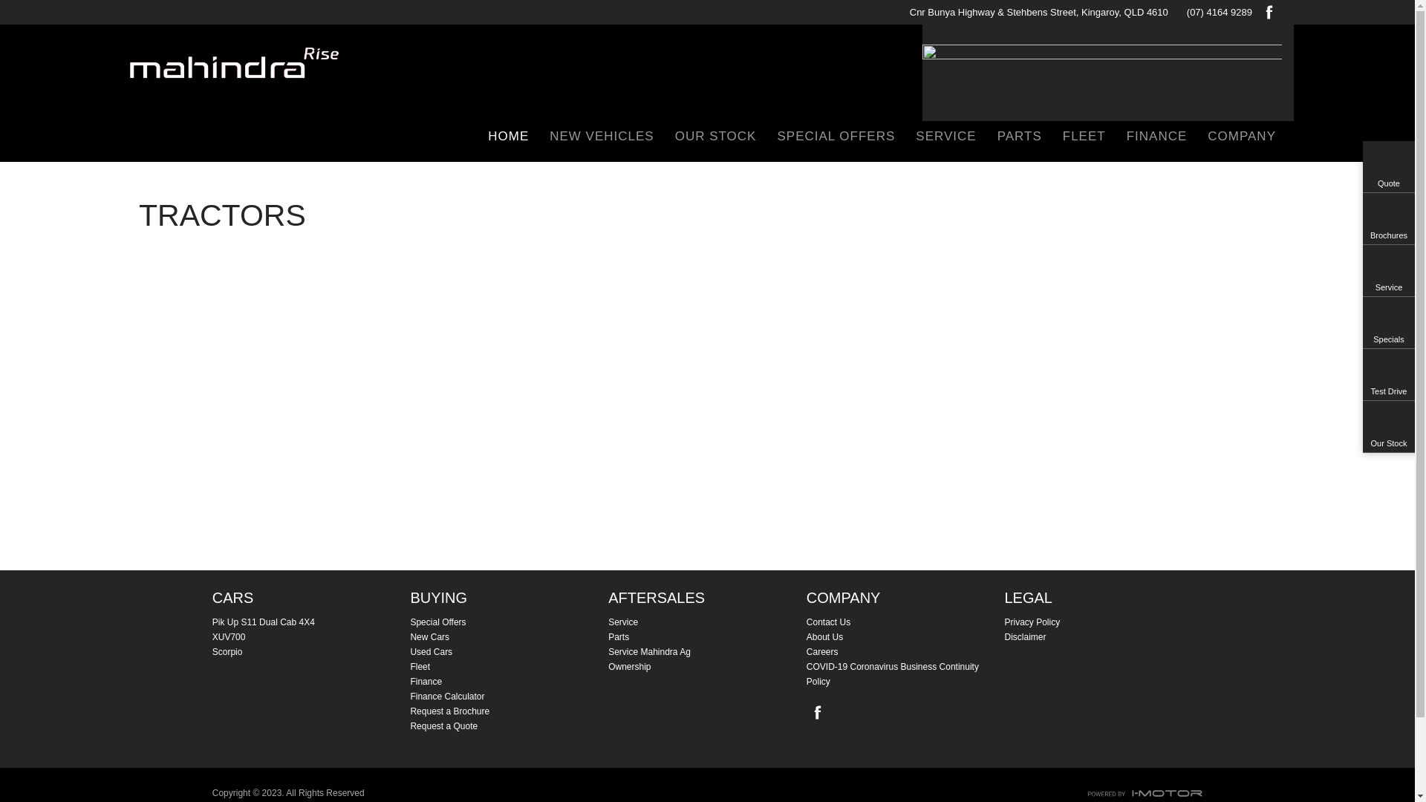 The width and height of the screenshot is (1426, 802). Describe the element at coordinates (608, 666) in the screenshot. I see `'Ownership'` at that location.